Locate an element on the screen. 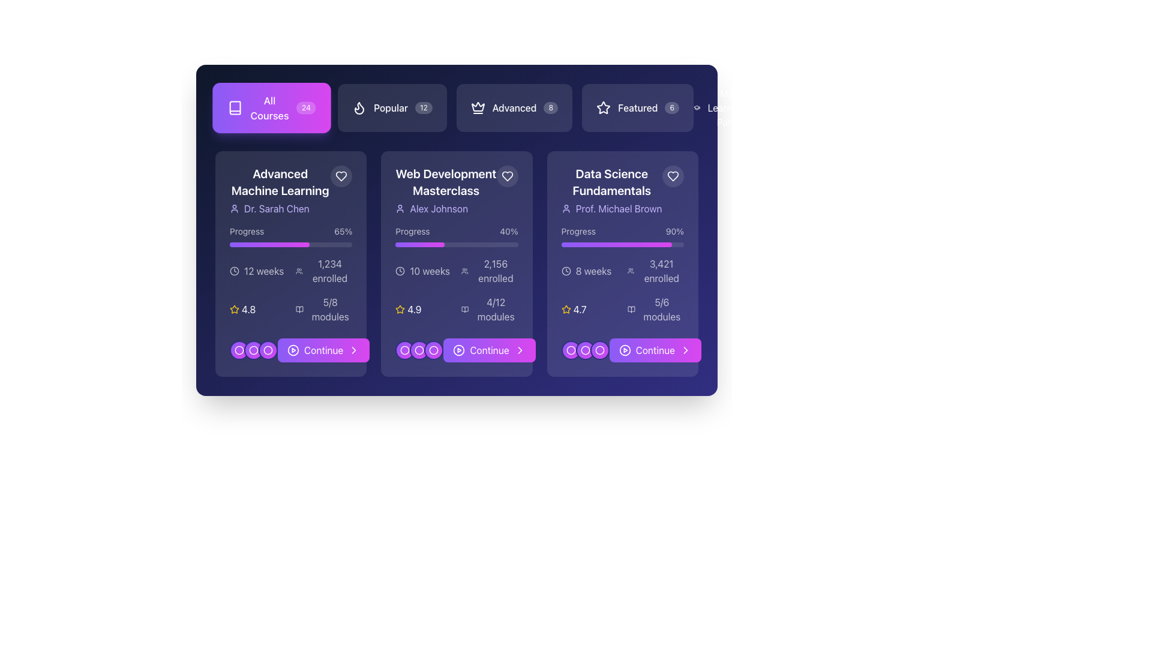 The width and height of the screenshot is (1152, 648). the second circular icon button within the gradient circle in the progress section of the 'Web Development Masterclass' card is located at coordinates (405, 350).